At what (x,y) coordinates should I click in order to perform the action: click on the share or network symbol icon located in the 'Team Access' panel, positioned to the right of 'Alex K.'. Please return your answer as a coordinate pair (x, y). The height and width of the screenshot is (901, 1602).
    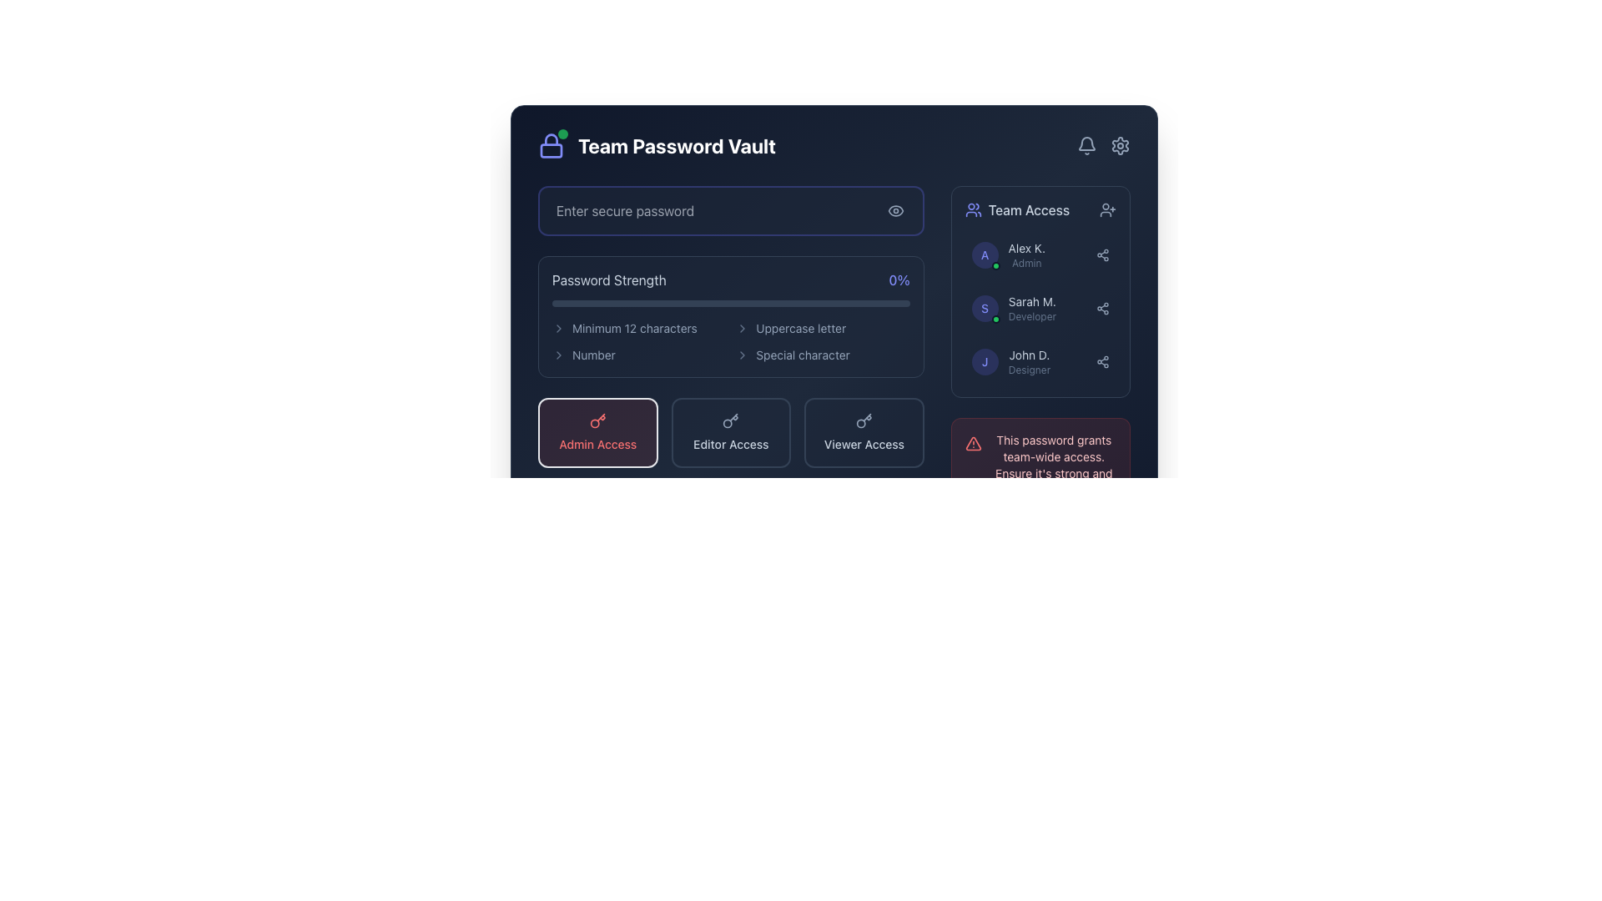
    Looking at the image, I should click on (1102, 254).